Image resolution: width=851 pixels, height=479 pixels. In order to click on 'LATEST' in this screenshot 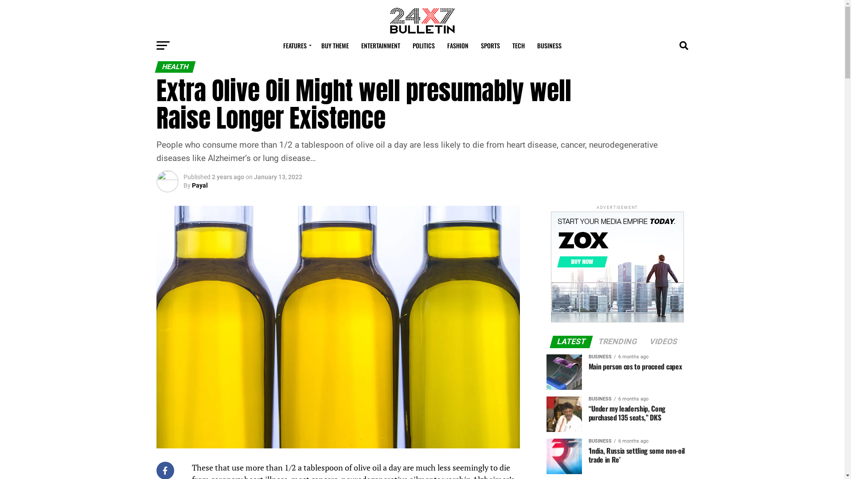, I will do `click(571, 342)`.